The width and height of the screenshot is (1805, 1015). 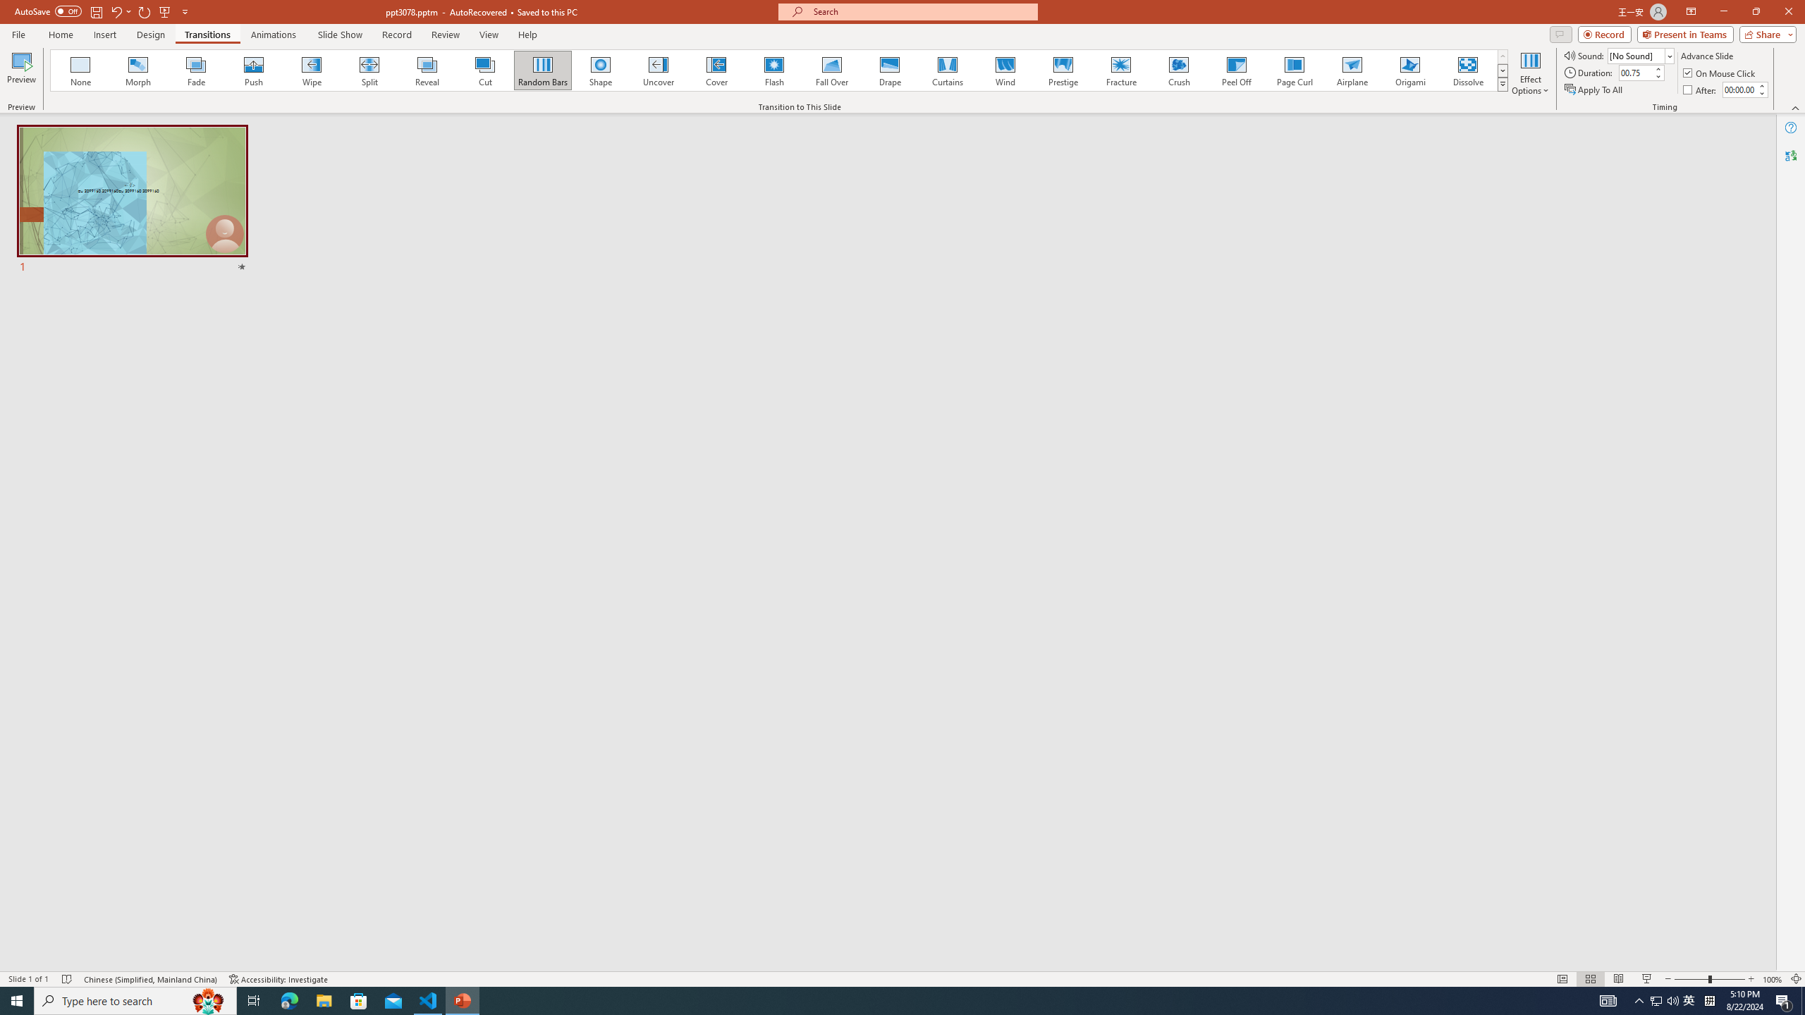 What do you see at coordinates (773, 70) in the screenshot?
I see `'Flash'` at bounding box center [773, 70].